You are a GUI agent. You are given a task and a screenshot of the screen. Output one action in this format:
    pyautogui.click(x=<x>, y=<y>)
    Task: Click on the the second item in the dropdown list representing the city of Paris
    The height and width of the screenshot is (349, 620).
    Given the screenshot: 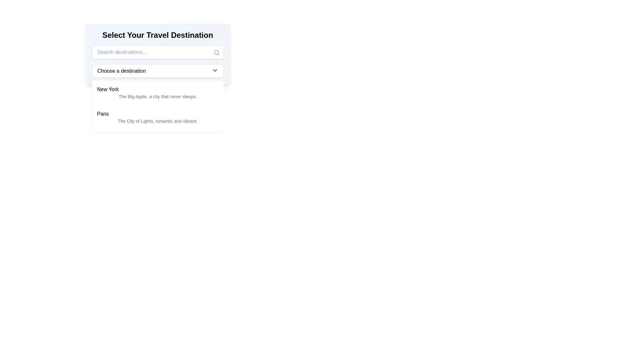 What is the action you would take?
    pyautogui.click(x=158, y=117)
    